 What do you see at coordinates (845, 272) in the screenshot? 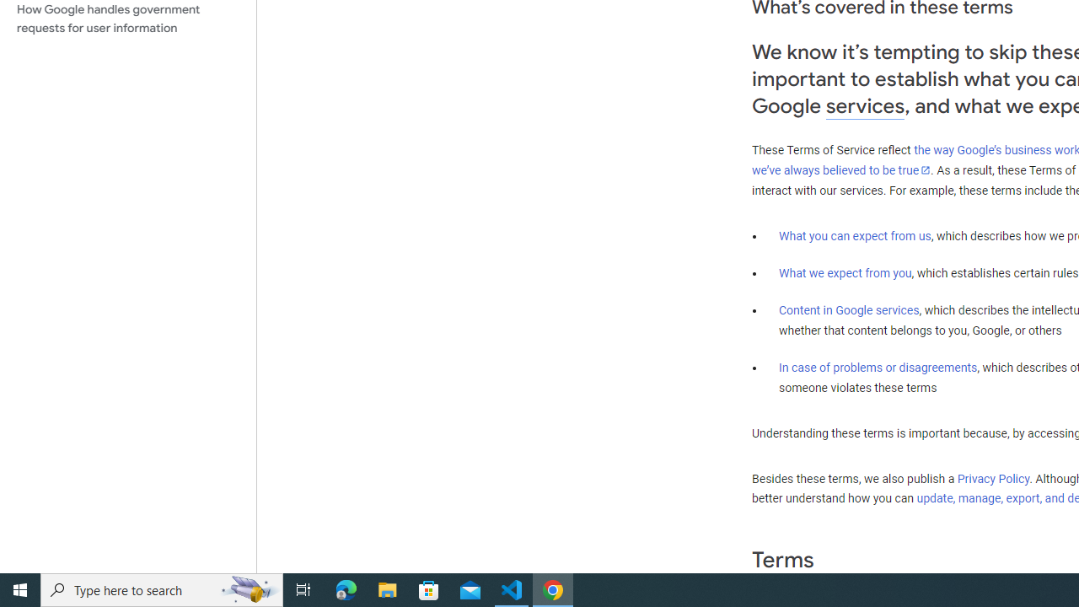
I see `'What we expect from you'` at bounding box center [845, 272].